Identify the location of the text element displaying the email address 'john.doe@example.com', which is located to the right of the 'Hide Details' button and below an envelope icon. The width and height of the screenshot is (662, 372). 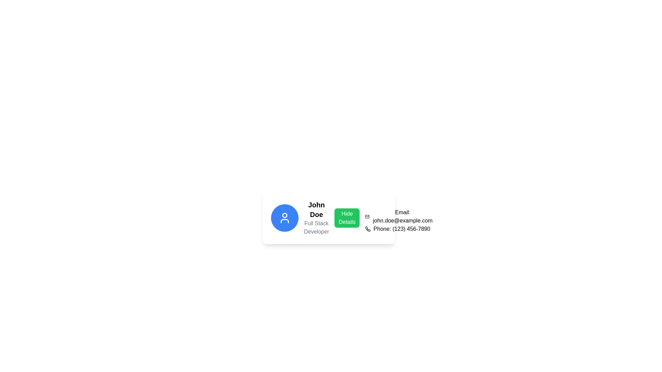
(403, 216).